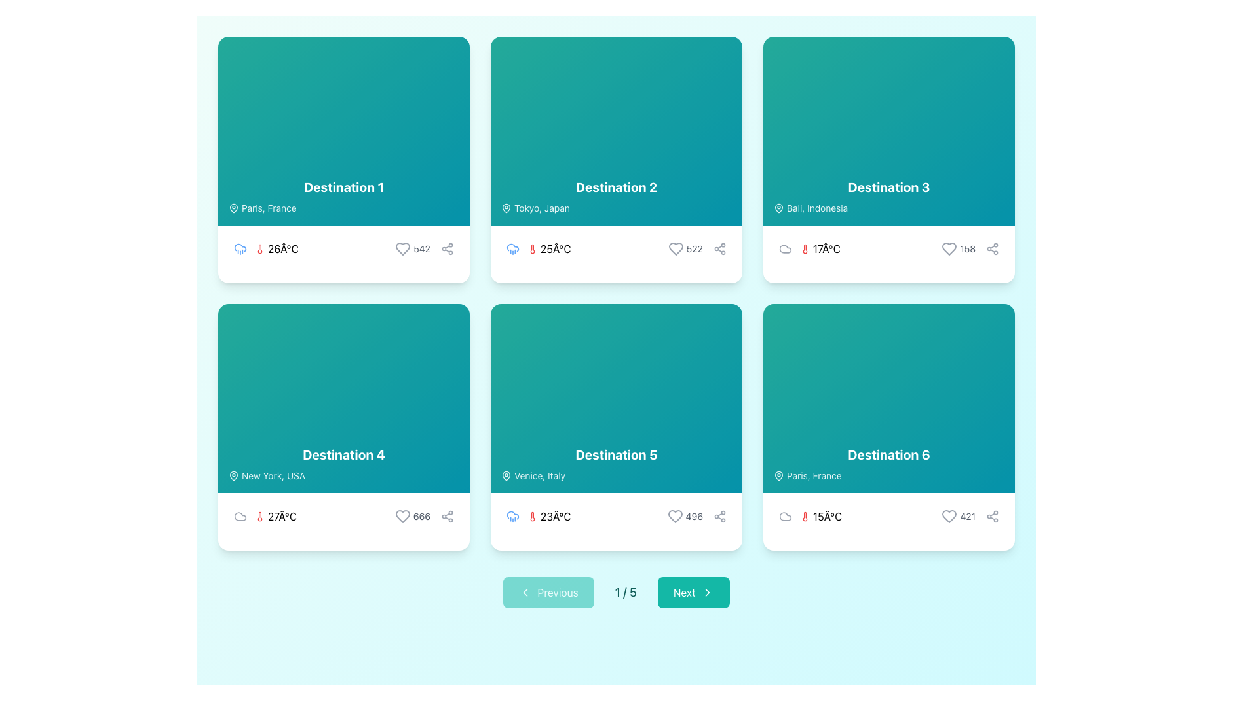  I want to click on the share icon represented by three connected circles and lines, located at the top-right corner of the 'Destination 1' card, to share the content, so click(447, 249).